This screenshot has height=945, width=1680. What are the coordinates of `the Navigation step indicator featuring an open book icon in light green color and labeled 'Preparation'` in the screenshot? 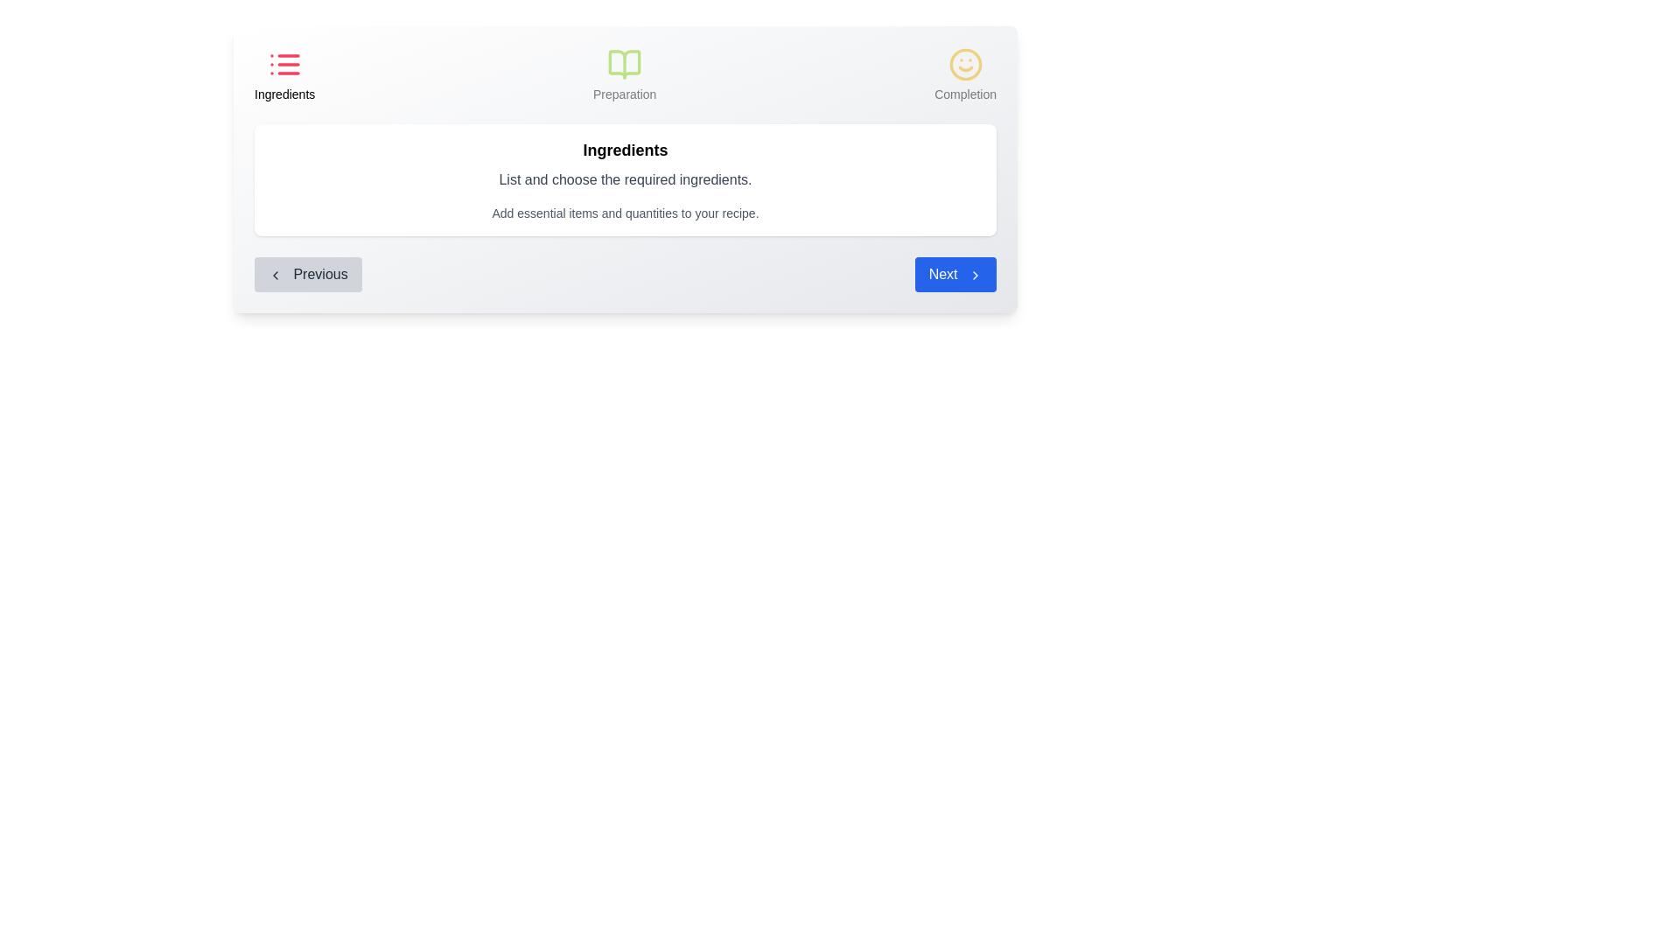 It's located at (625, 73).